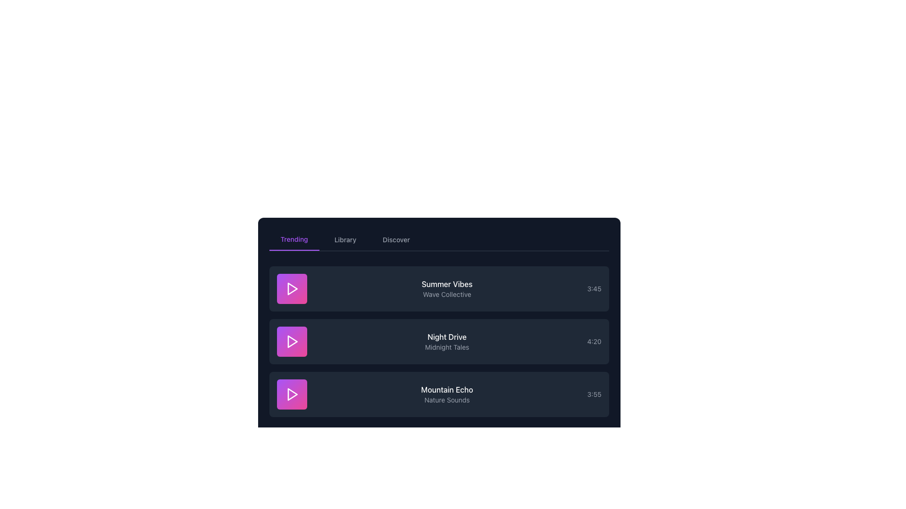 This screenshot has height=509, width=906. I want to click on the text label providing additional descriptive information located beneath the 'Night Drive' text in the second block of content, so click(446, 347).